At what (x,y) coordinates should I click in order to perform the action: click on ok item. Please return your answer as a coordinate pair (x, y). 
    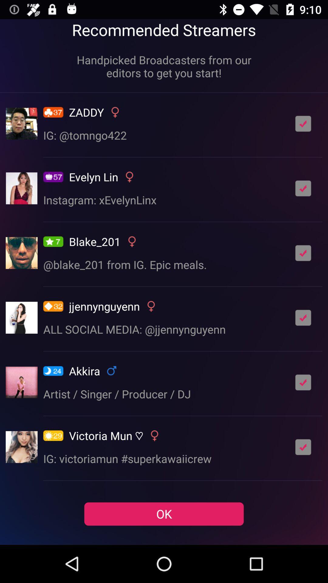
    Looking at the image, I should click on (164, 513).